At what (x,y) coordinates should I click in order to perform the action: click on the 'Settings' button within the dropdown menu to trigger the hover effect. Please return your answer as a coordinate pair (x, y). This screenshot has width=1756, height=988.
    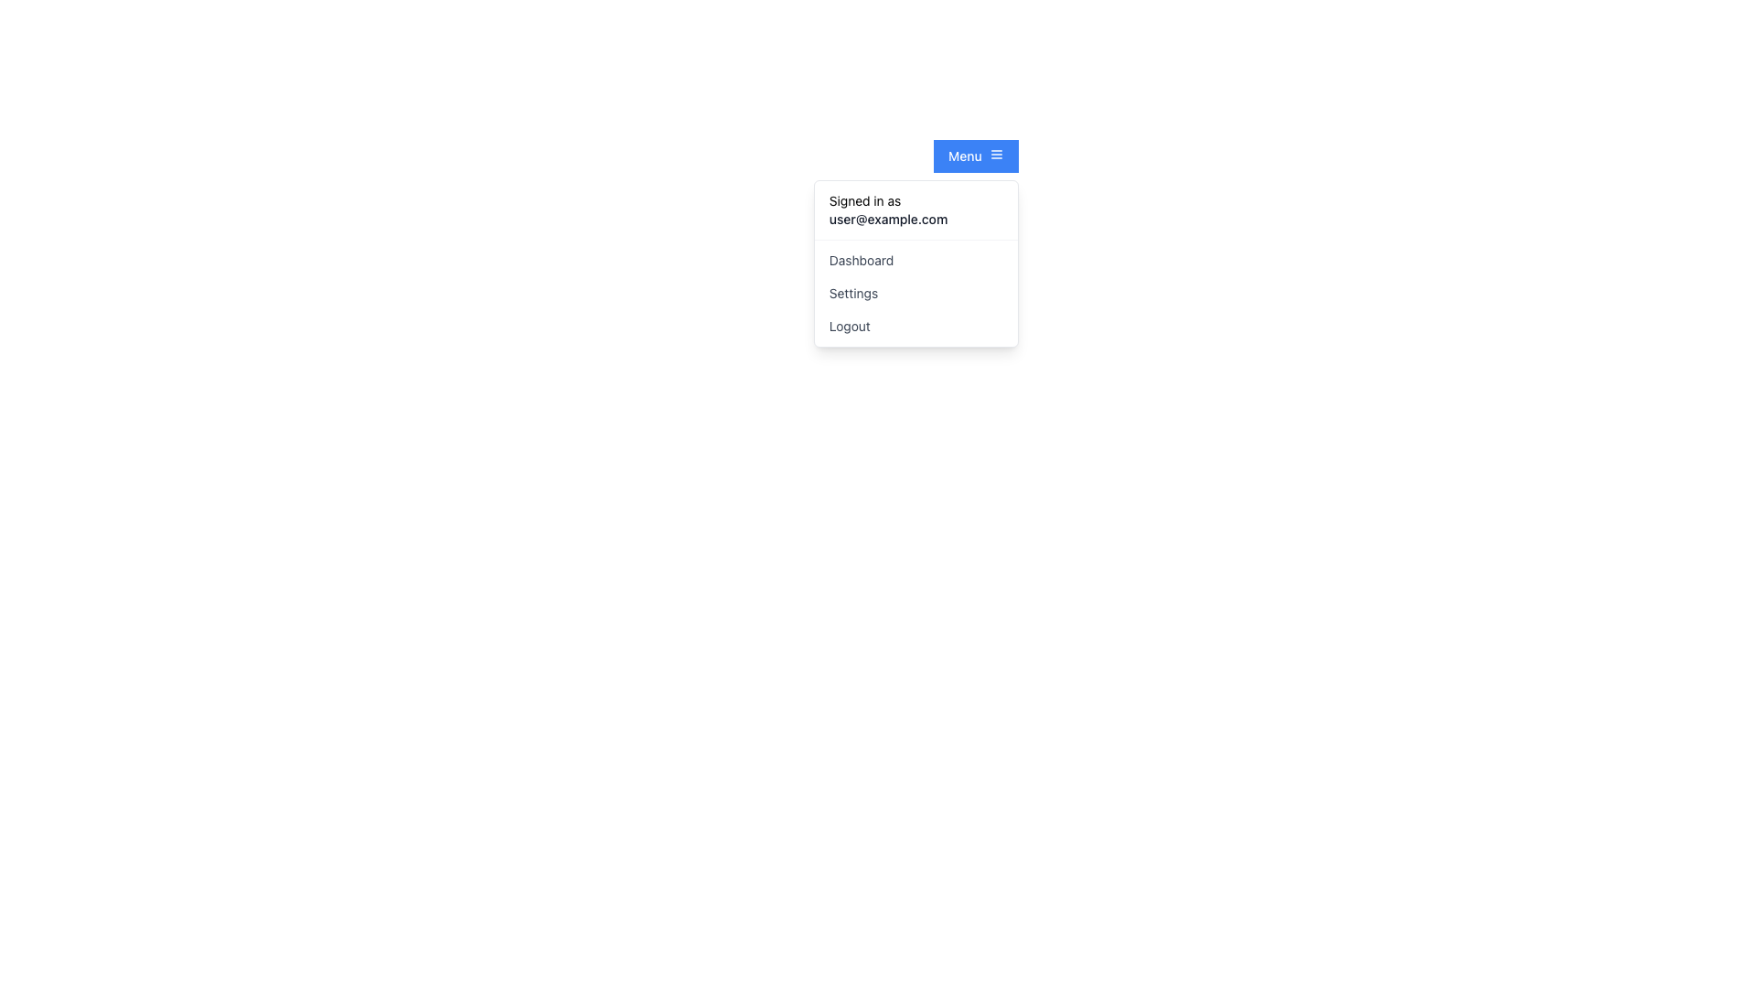
    Looking at the image, I should click on (915, 292).